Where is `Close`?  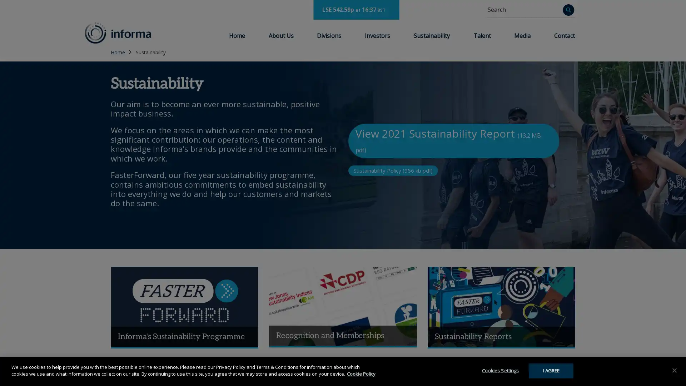 Close is located at coordinates (674, 370).